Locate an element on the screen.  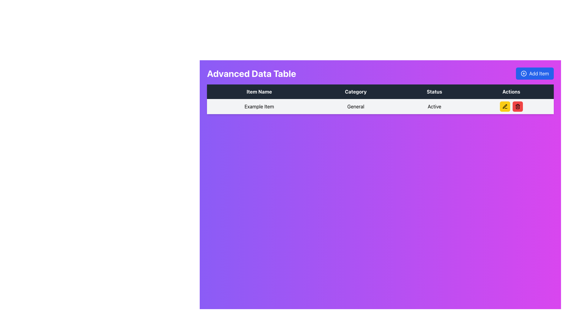
text content of the 'Add Item' label, which is styled with white text on a blue background and is part of the button labeled 'Add Item' is located at coordinates (539, 73).